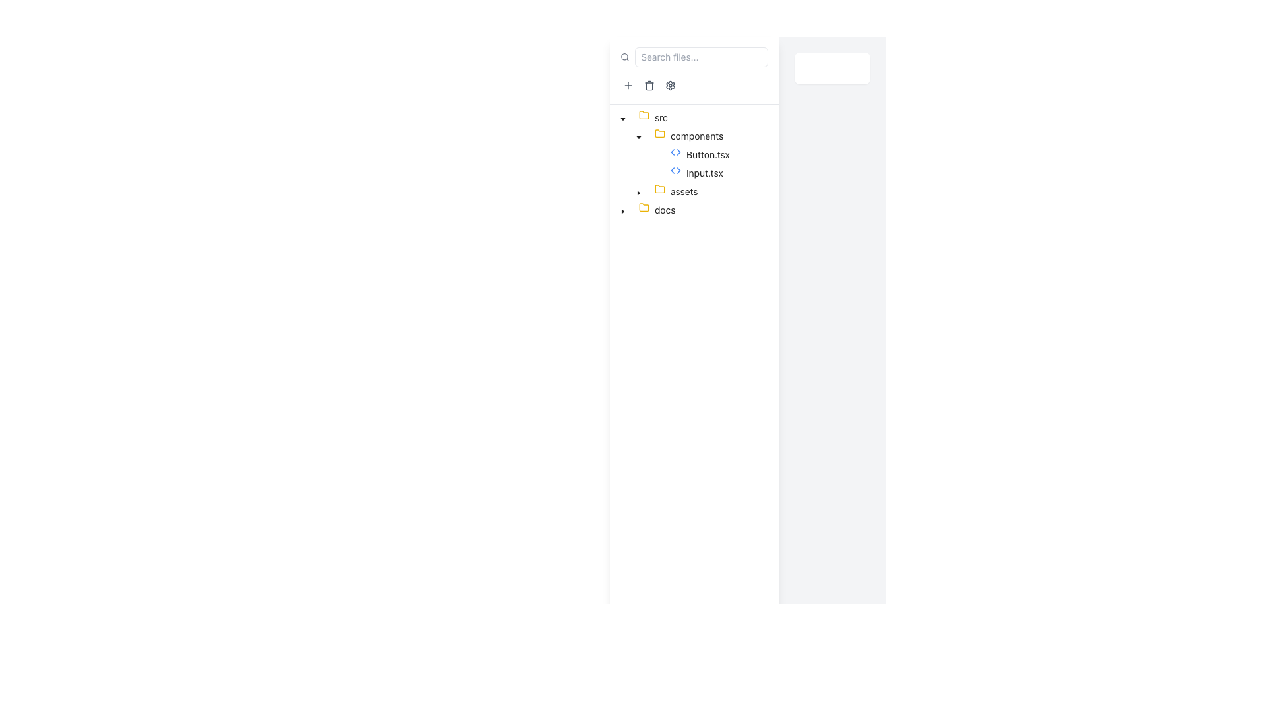 The image size is (1266, 712). What do you see at coordinates (660, 189) in the screenshot?
I see `the yellow folder icon representing the 'assets' directory in the file hierarchy` at bounding box center [660, 189].